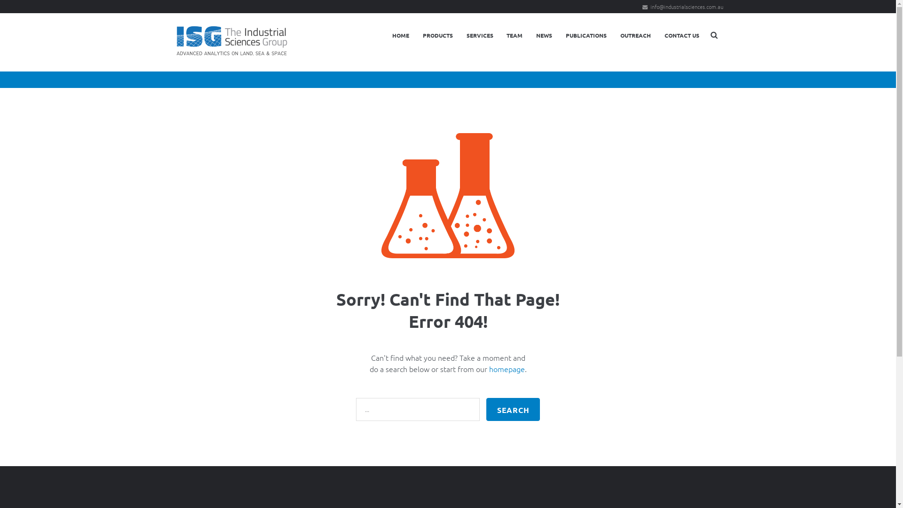 This screenshot has height=508, width=903. What do you see at coordinates (544, 35) in the screenshot?
I see `'NEWS'` at bounding box center [544, 35].